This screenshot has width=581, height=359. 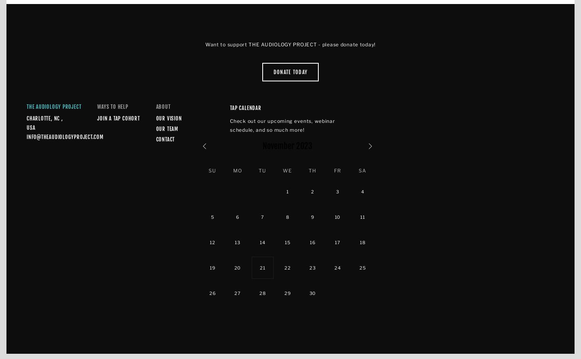 I want to click on 'Ways to Help', so click(x=112, y=106).